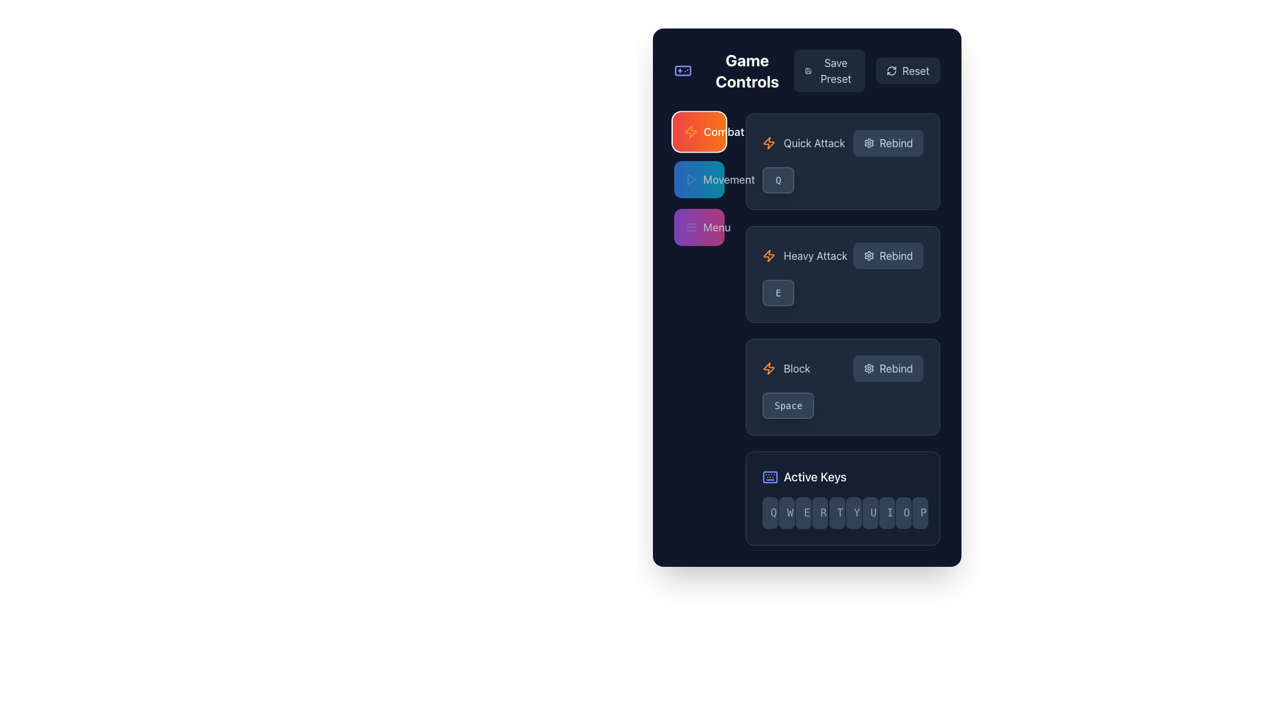 The height and width of the screenshot is (716, 1274). What do you see at coordinates (902, 512) in the screenshot?
I see `the rectangular button with rounded corners containing the letter 'O', which is part of the 'Active Keys' section in the horizontal keyboard layout` at bounding box center [902, 512].